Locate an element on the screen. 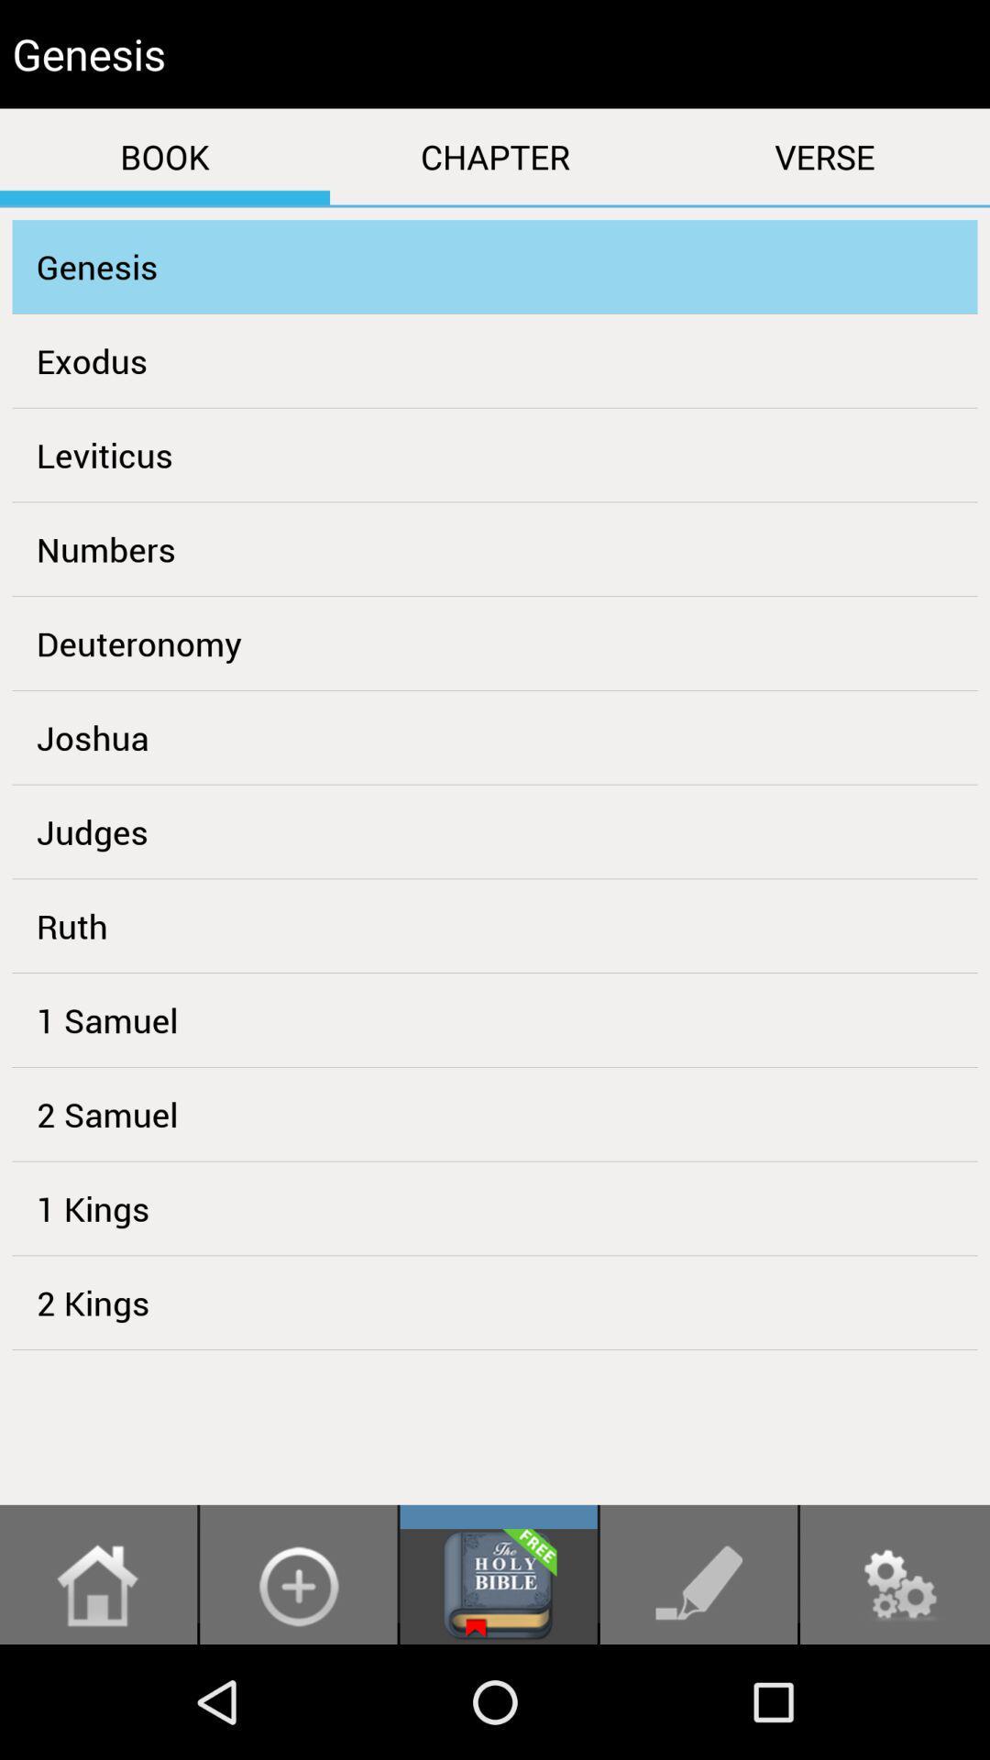  the settings icon is located at coordinates (894, 1697).